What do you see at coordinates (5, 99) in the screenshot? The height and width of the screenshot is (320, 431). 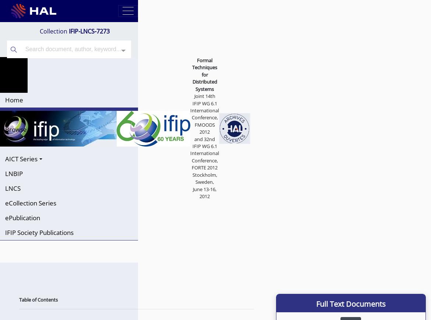 I see `'Home'` at bounding box center [5, 99].